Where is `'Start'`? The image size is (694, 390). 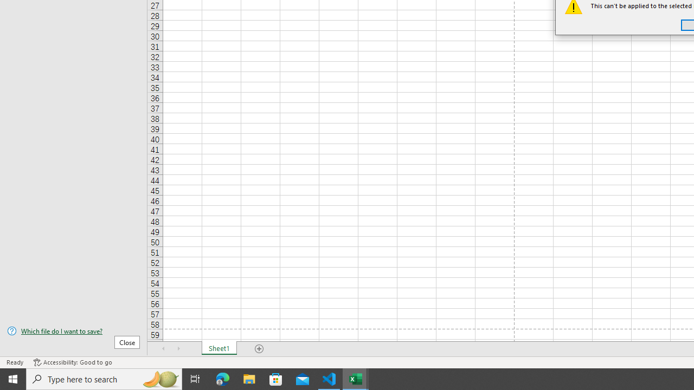 'Start' is located at coordinates (13, 378).